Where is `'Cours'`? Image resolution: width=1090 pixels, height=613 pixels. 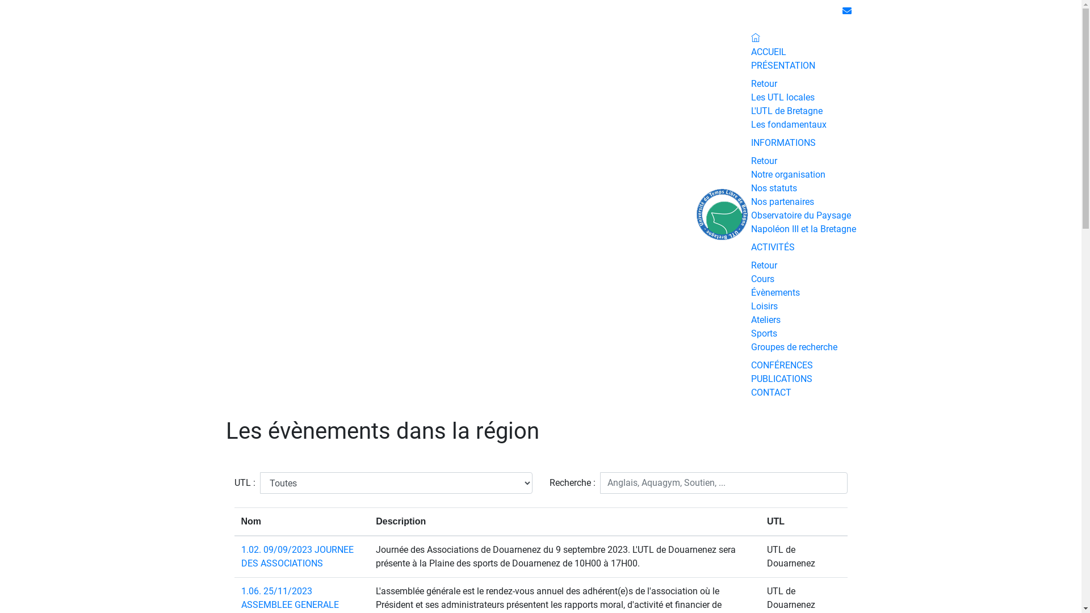 'Cours' is located at coordinates (762, 279).